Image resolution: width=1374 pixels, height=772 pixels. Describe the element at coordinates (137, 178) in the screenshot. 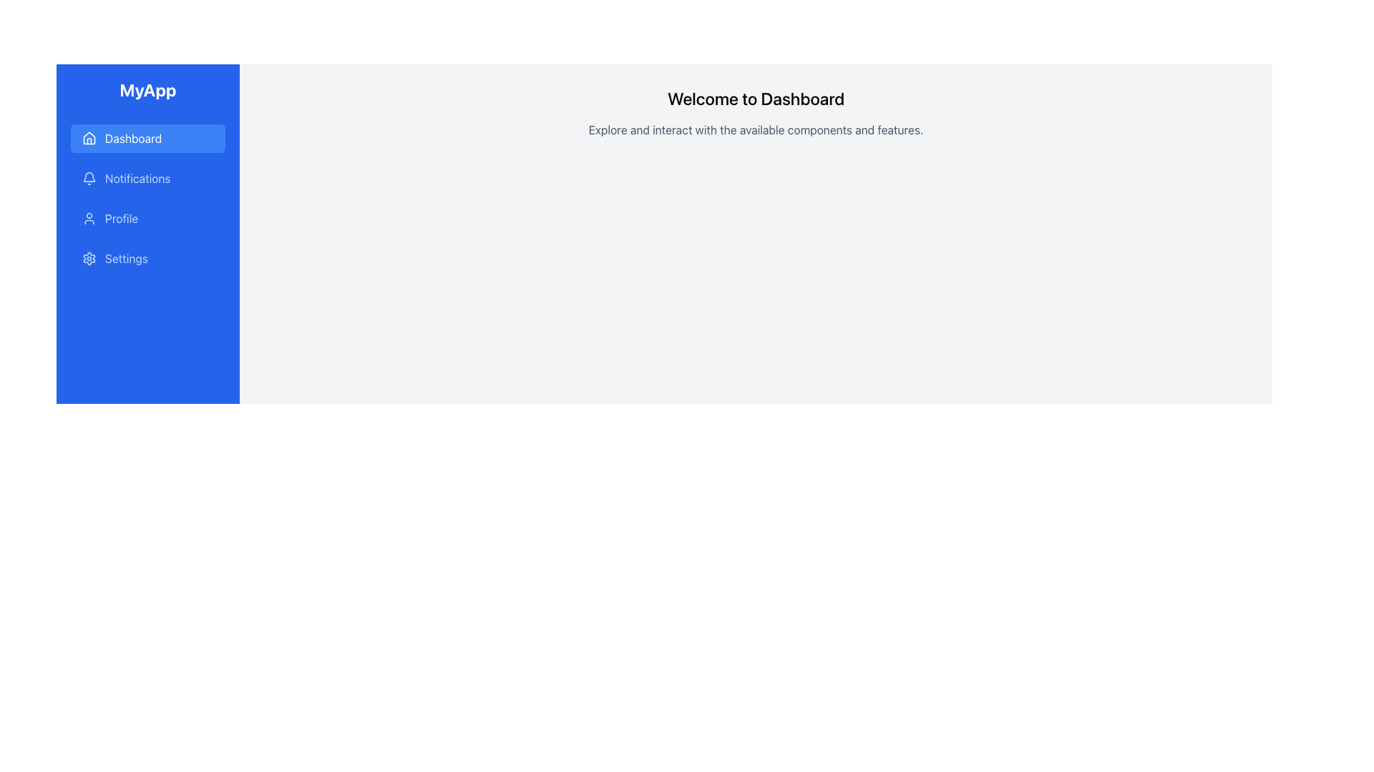

I see `the 'Notifications' text-based navigation link in the vertical menu` at that location.